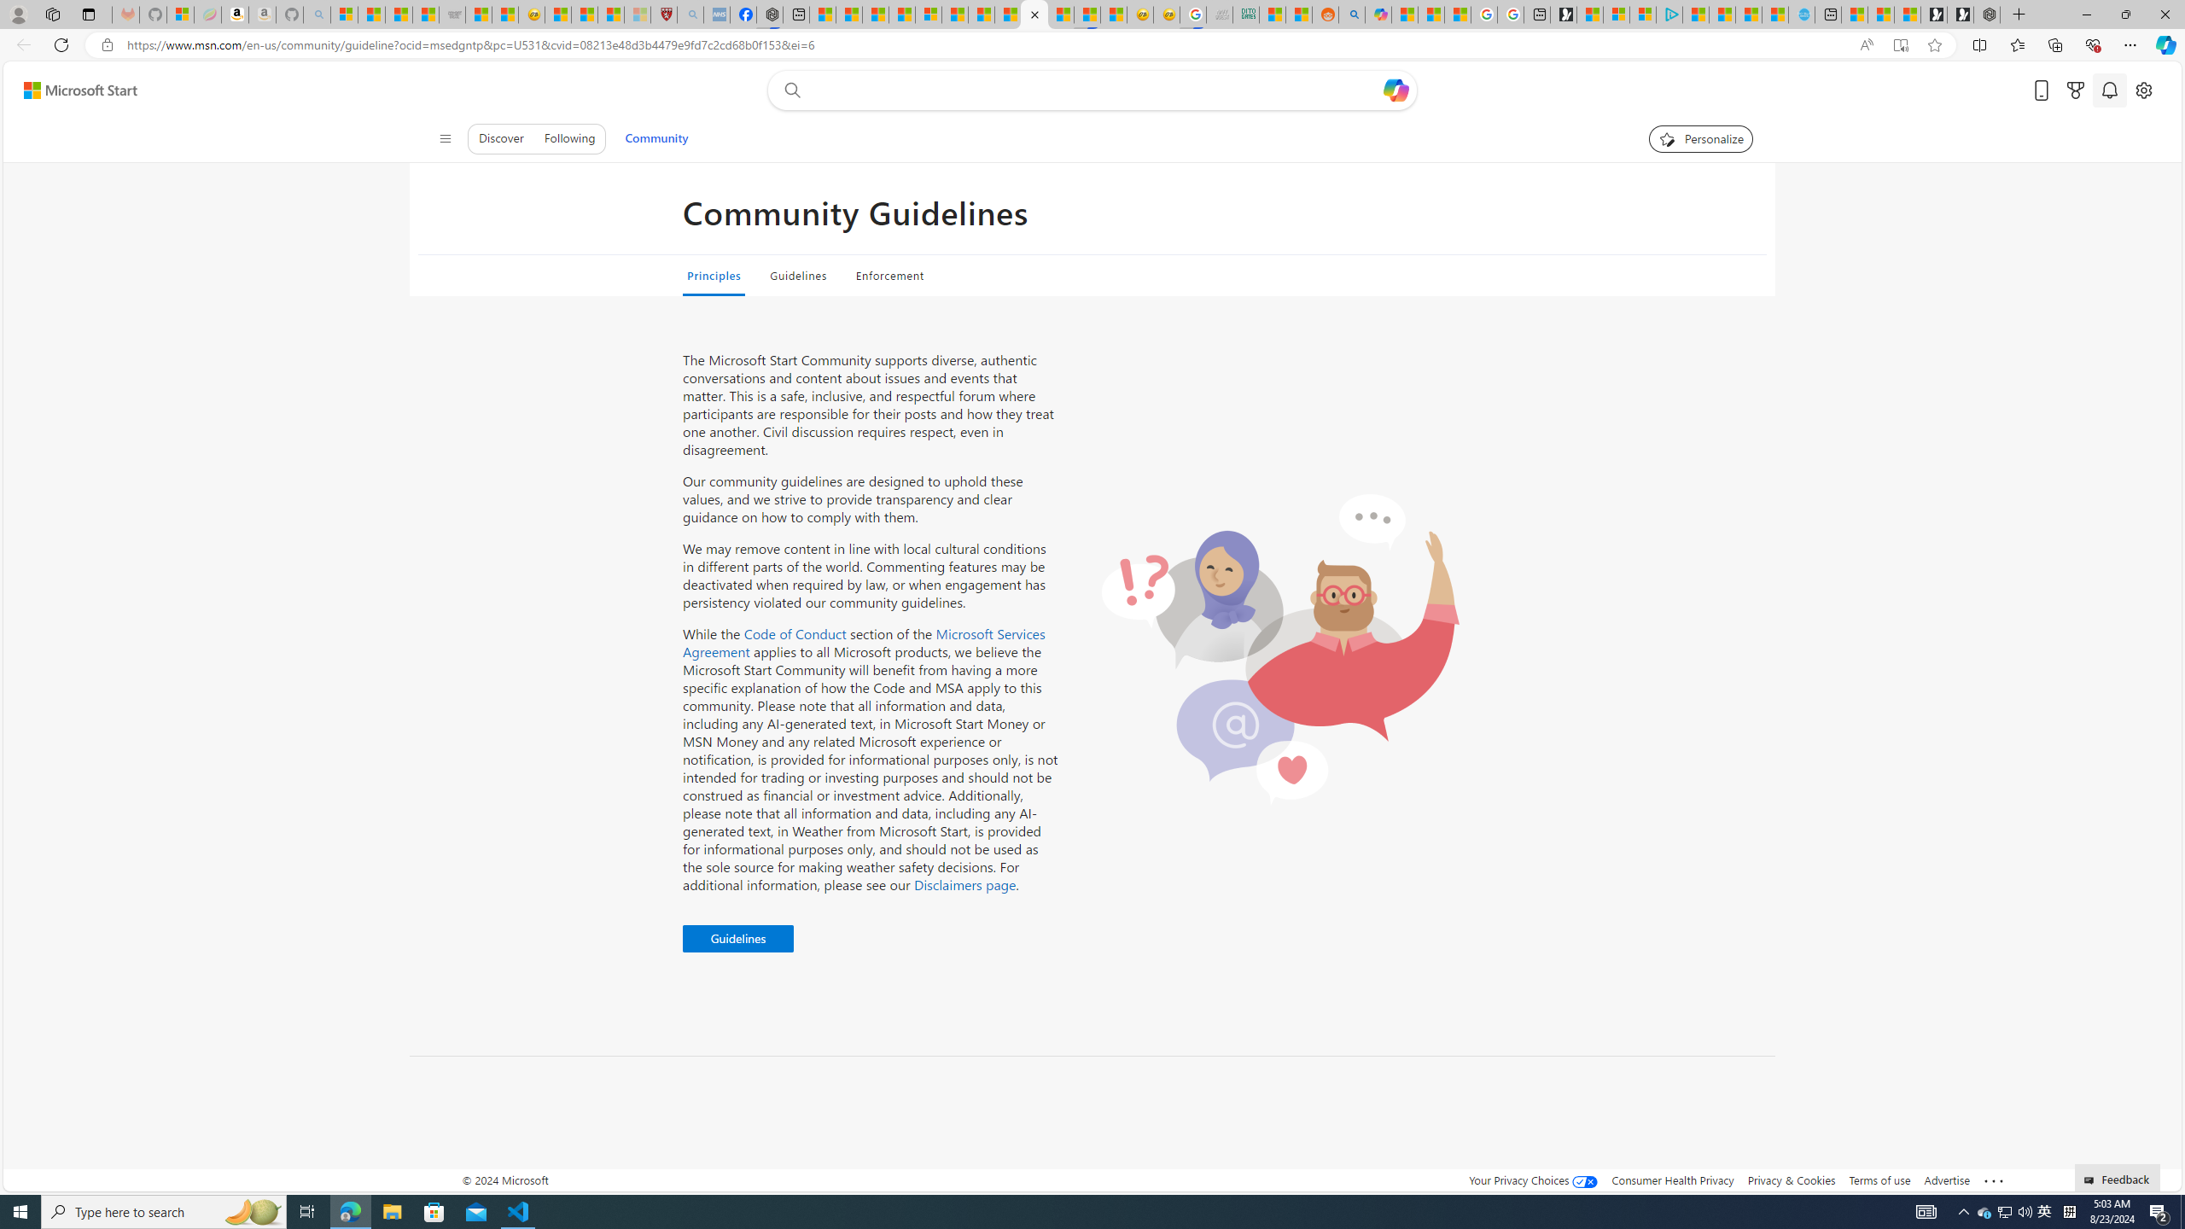 This screenshot has height=1229, width=2185. I want to click on 'Open Copilot', so click(1395, 89).